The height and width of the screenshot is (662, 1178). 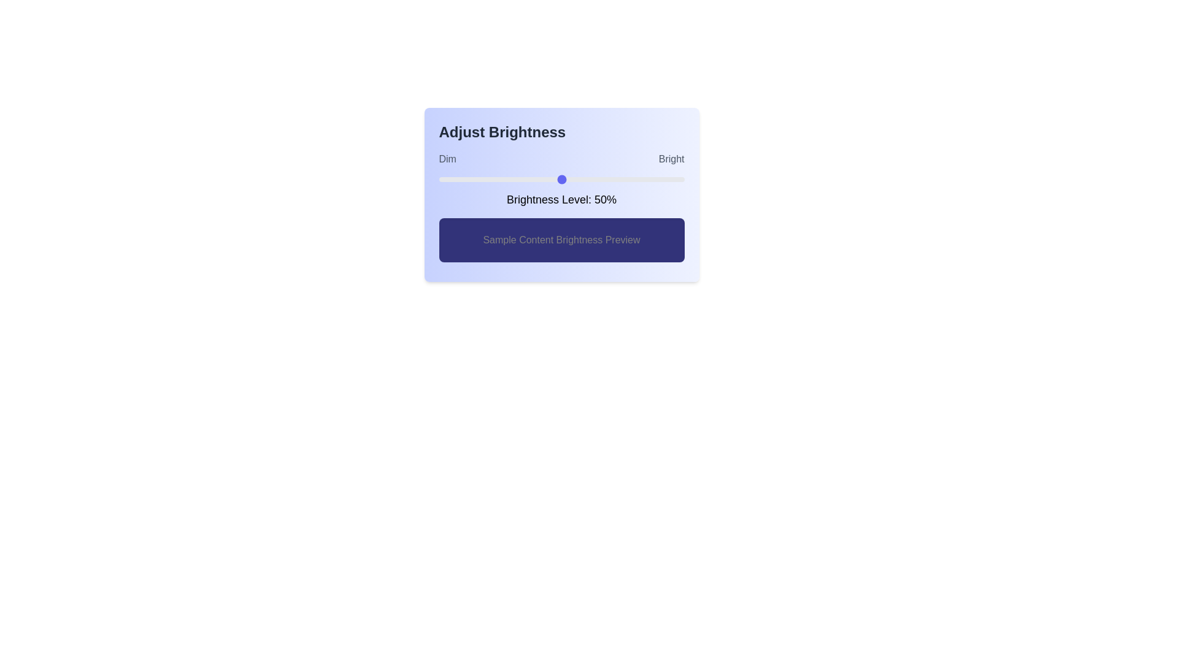 What do you see at coordinates (637, 180) in the screenshot?
I see `the brightness level to 81% by dragging the slider` at bounding box center [637, 180].